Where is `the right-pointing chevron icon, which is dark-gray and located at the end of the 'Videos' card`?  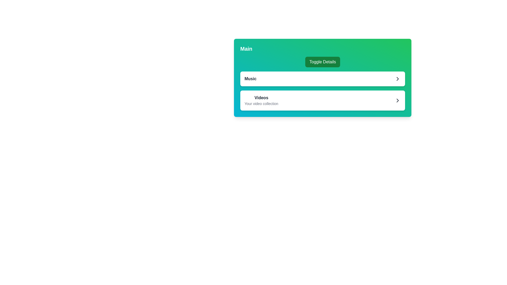
the right-pointing chevron icon, which is dark-gray and located at the end of the 'Videos' card is located at coordinates (398, 101).